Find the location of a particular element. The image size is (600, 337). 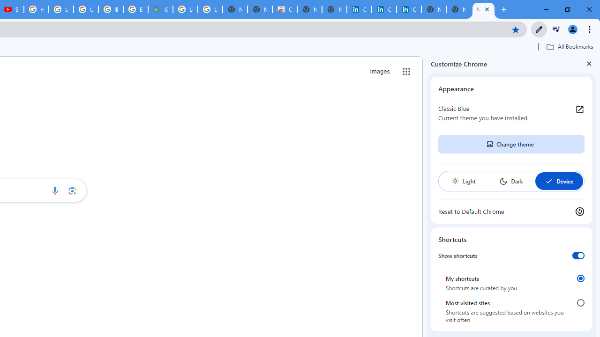

'Cookie Policy | LinkedIn' is located at coordinates (384, 9).